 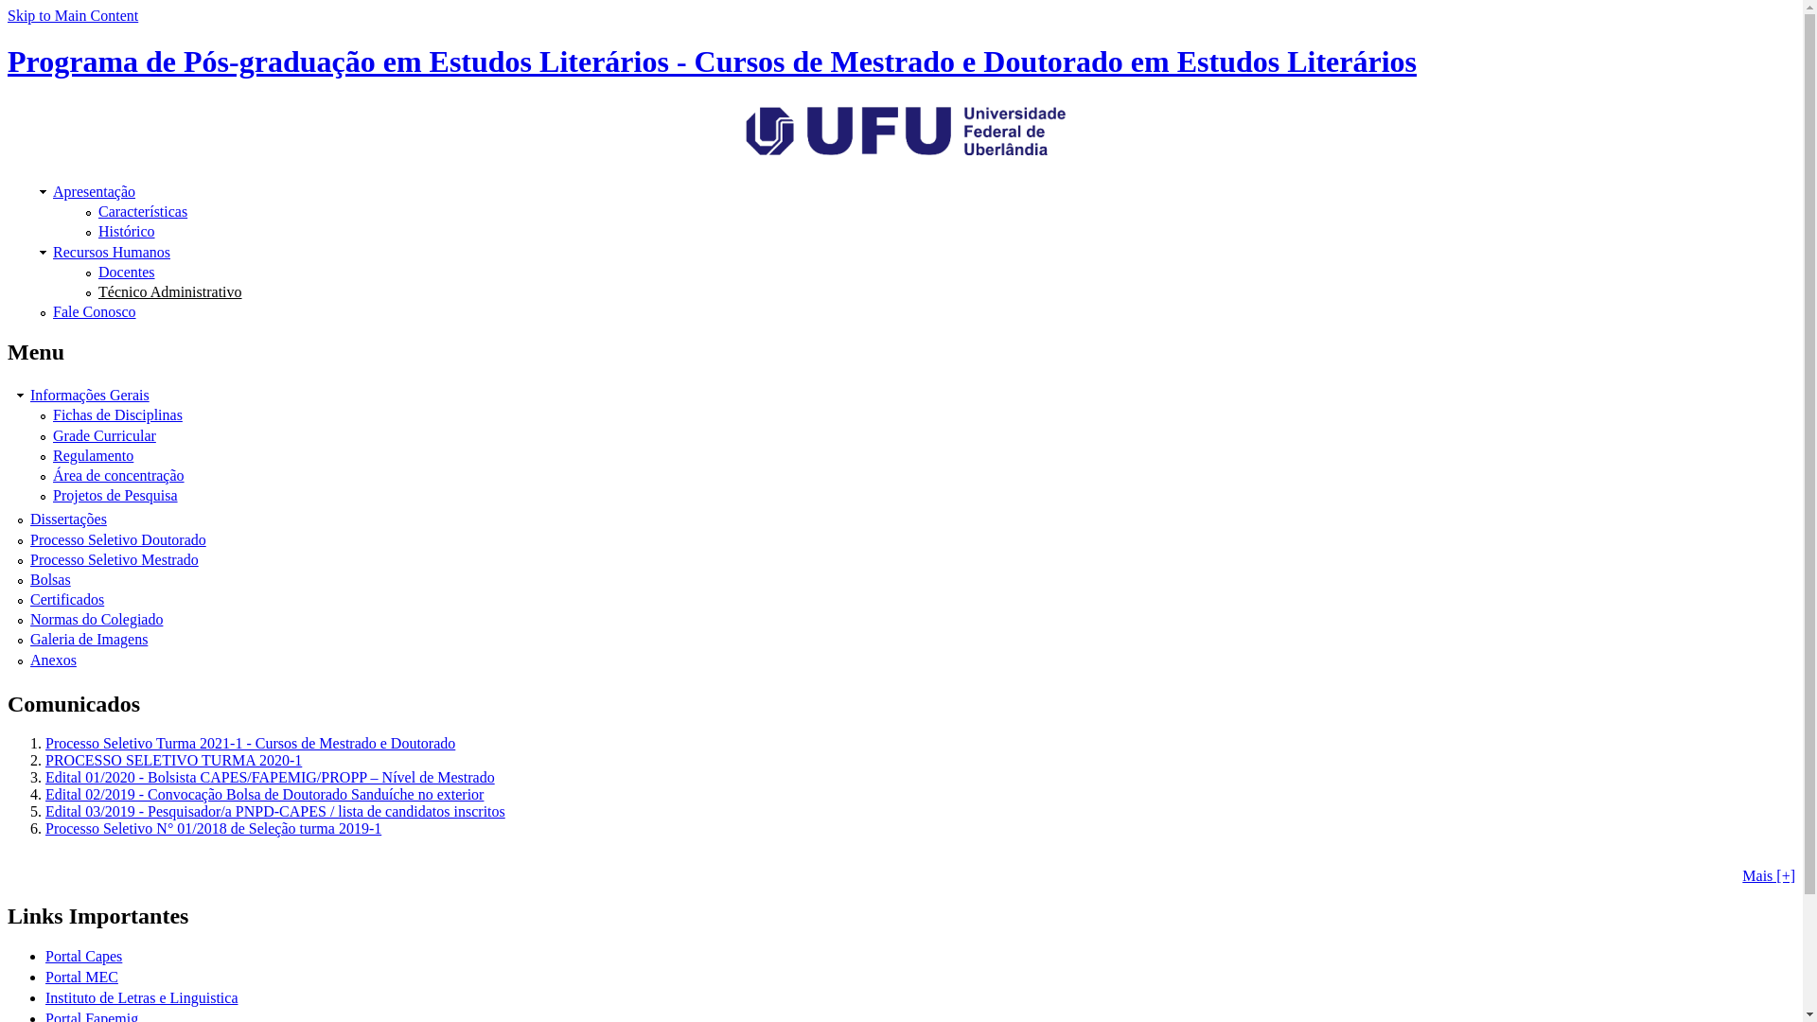 I want to click on 'Docentes', so click(x=126, y=272).